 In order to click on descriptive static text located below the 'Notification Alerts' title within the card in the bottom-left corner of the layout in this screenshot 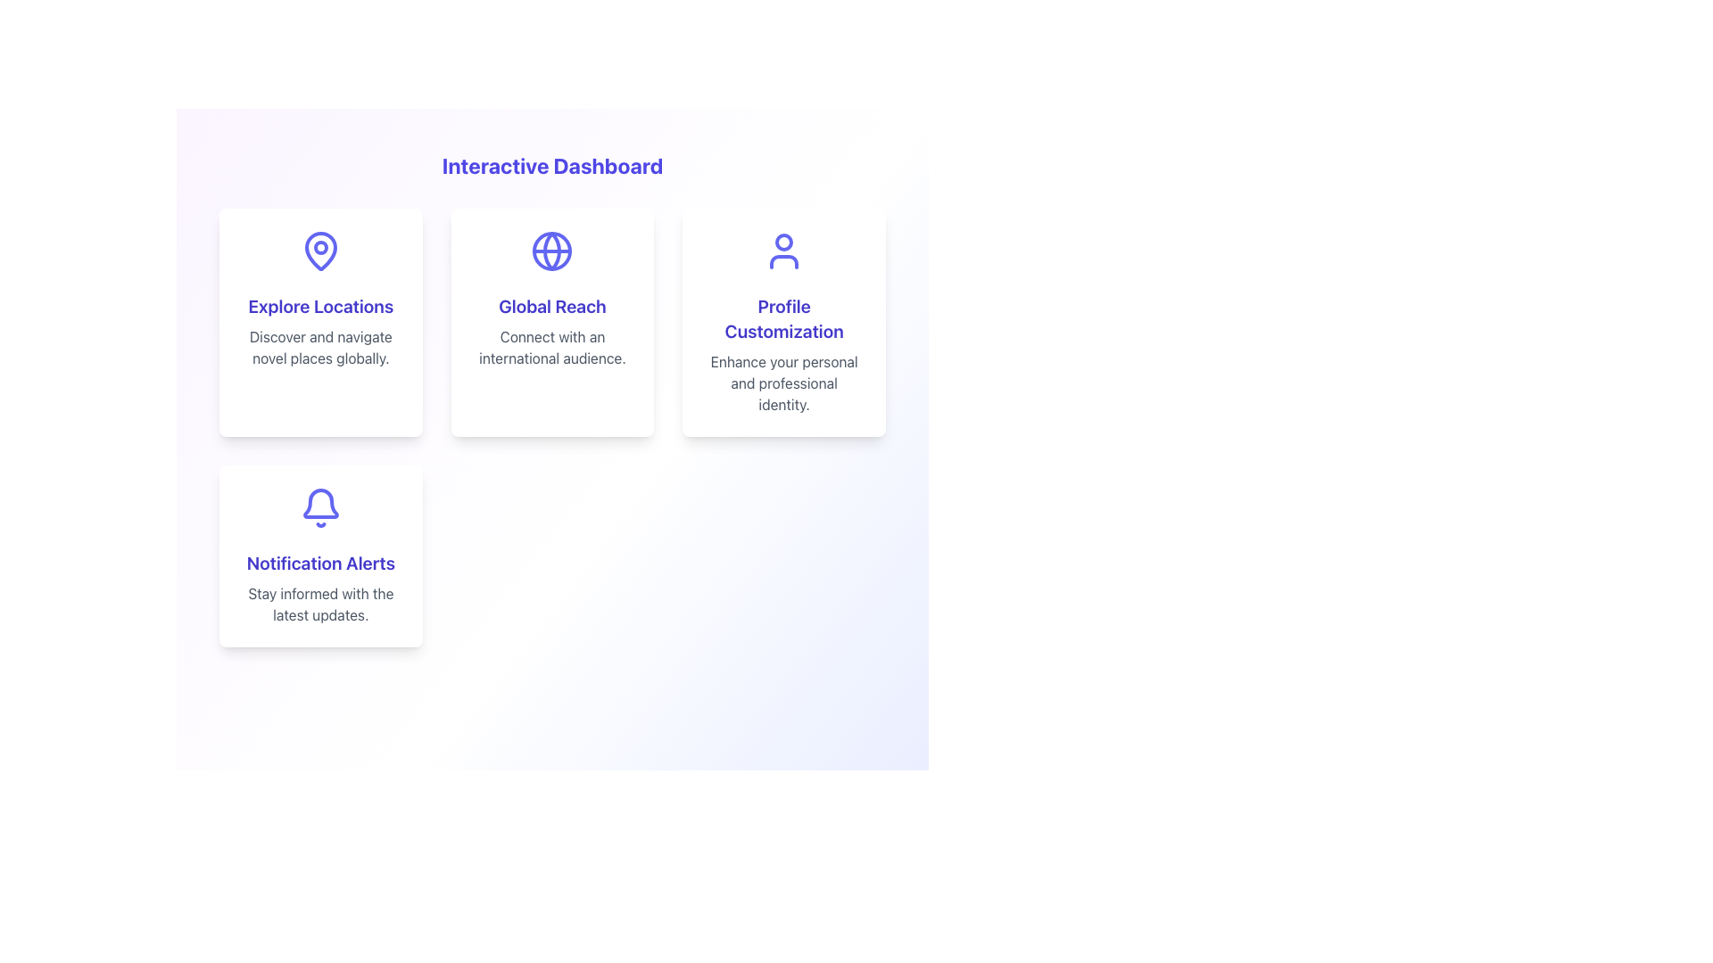, I will do `click(320, 604)`.